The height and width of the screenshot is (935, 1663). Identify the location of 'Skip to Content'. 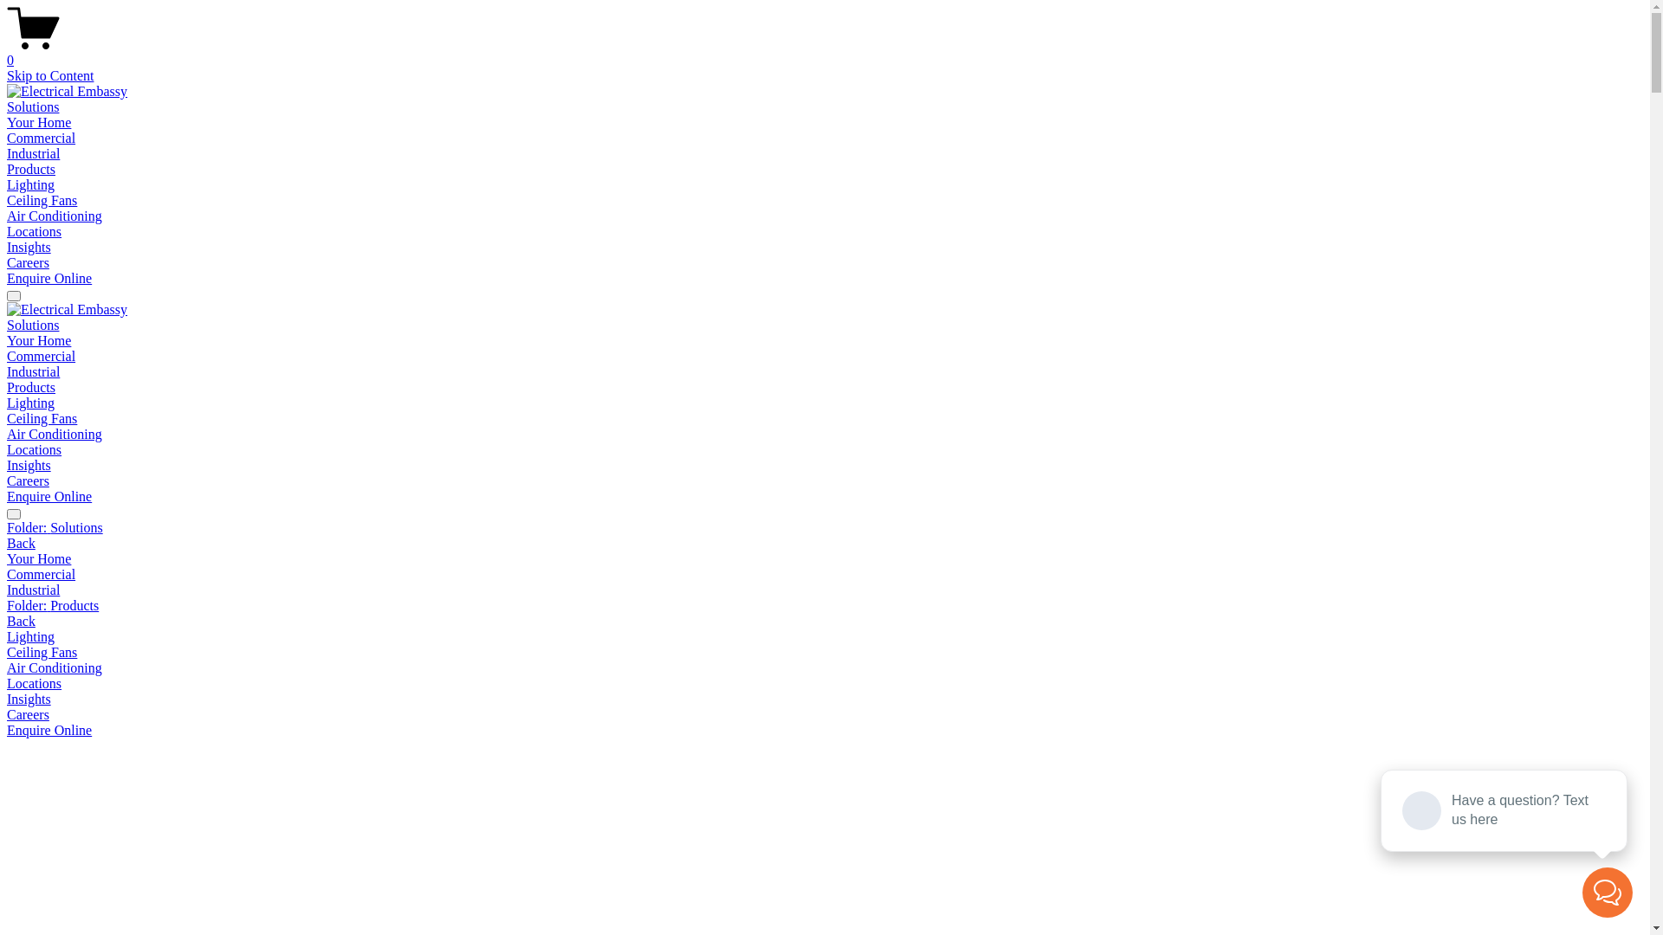
(7, 74).